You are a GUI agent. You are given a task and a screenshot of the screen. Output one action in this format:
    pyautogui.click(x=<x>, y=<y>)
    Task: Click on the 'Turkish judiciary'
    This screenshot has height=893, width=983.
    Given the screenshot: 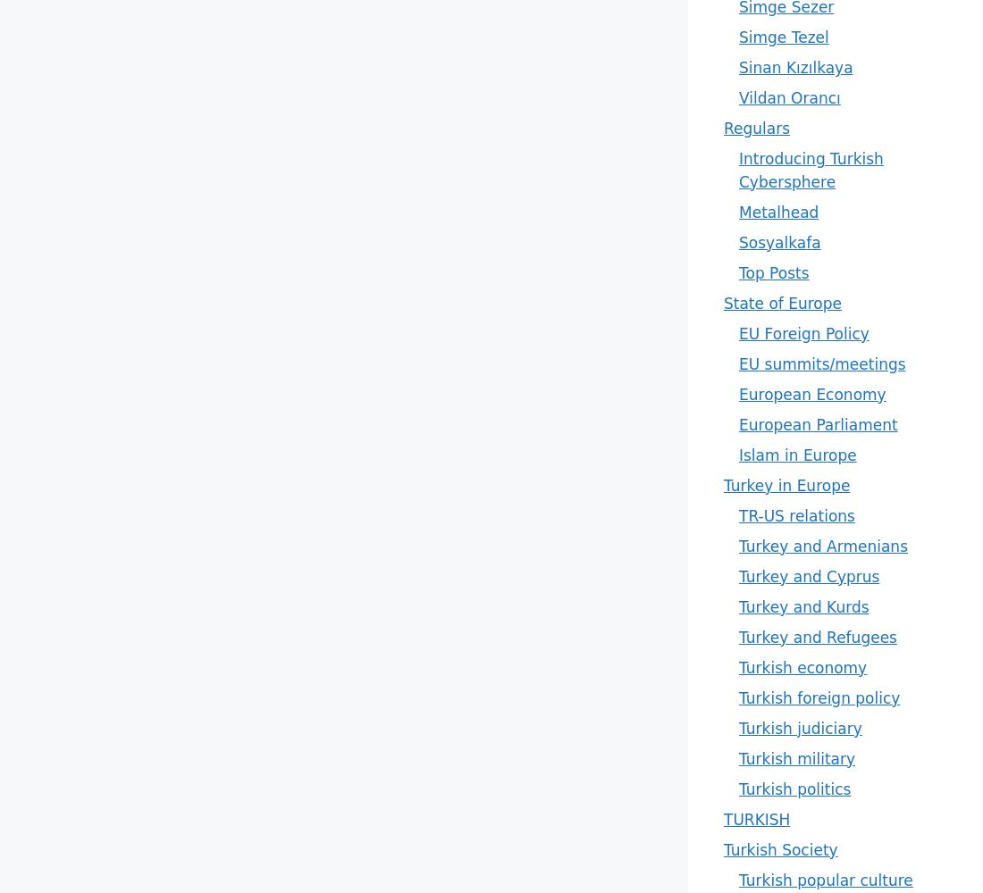 What is the action you would take?
    pyautogui.click(x=800, y=727)
    